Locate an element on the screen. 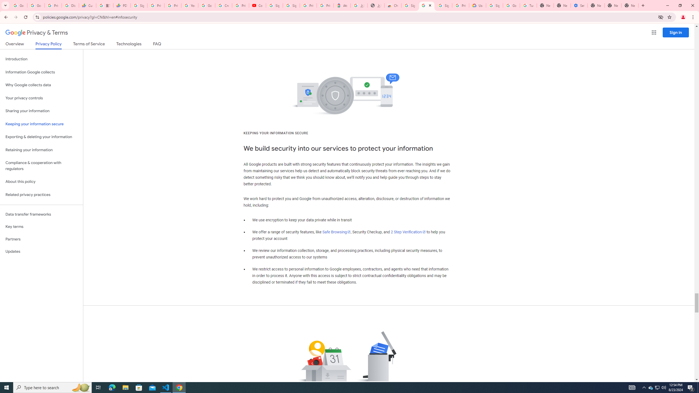 The height and width of the screenshot is (393, 699). 'Chrome Web Store - Color themes by Chrome' is located at coordinates (393, 5).